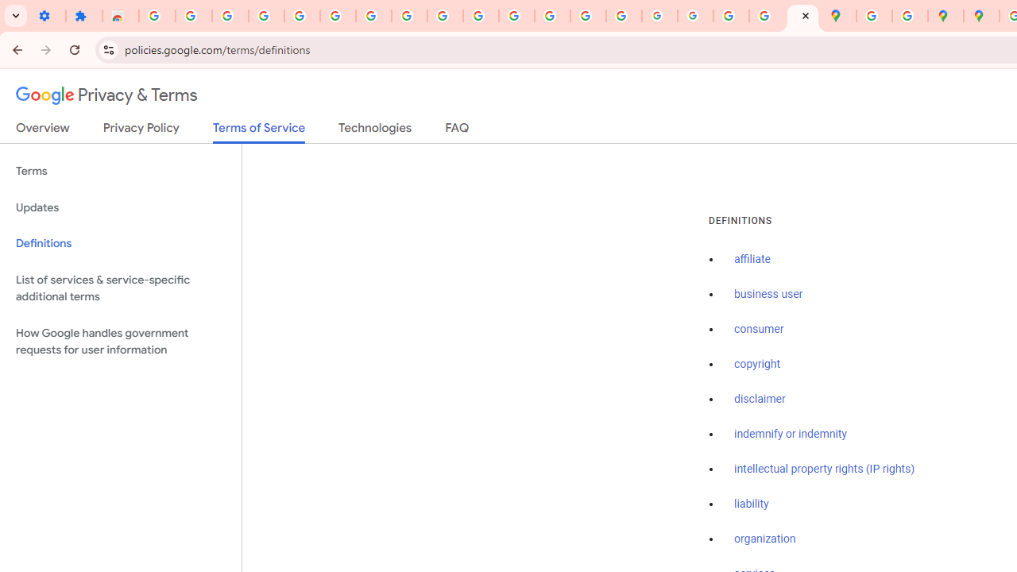  I want to click on 'YouTube', so click(445, 16).